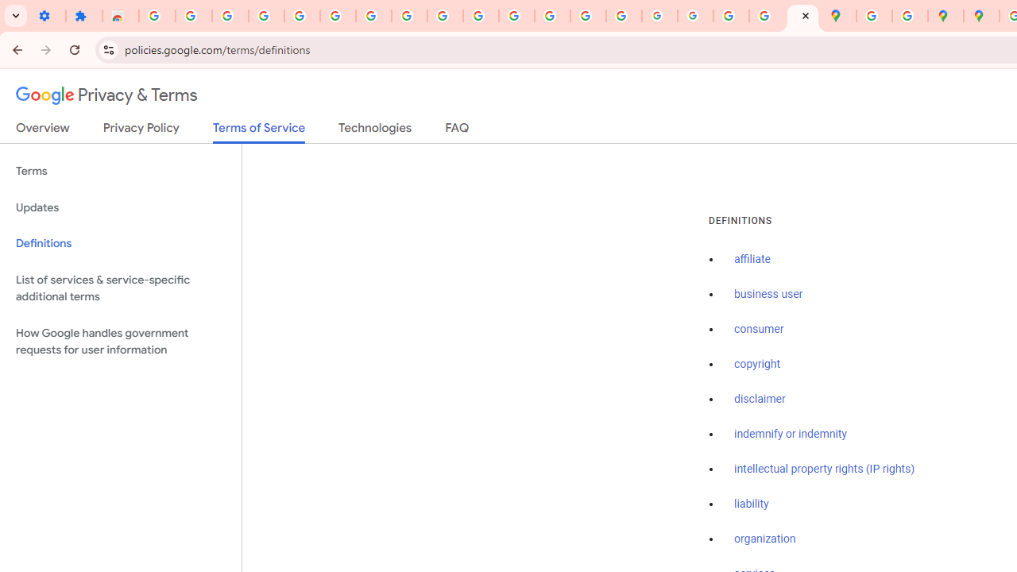  I want to click on 'YouTube', so click(445, 16).